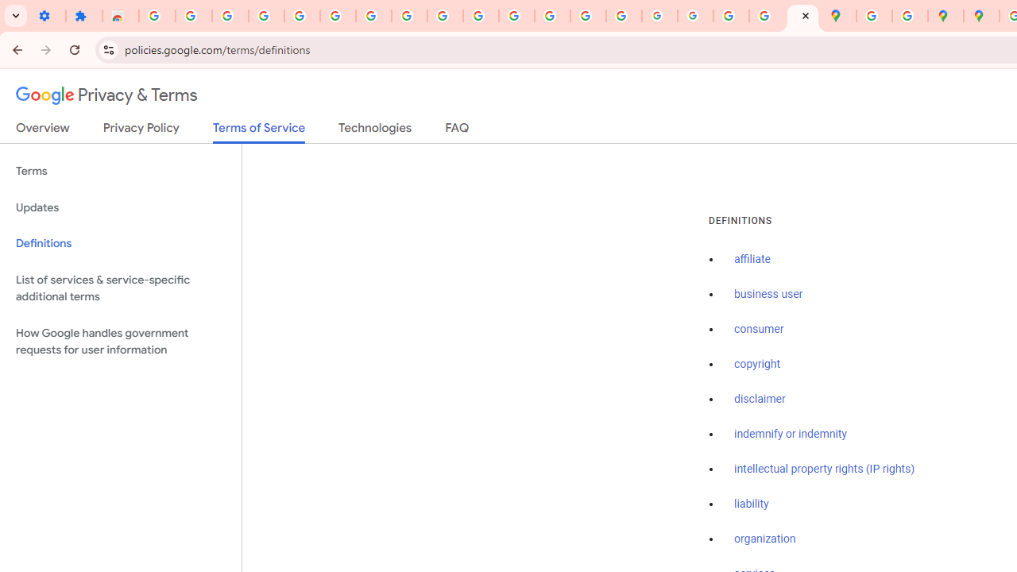  I want to click on 'YouTube', so click(445, 16).